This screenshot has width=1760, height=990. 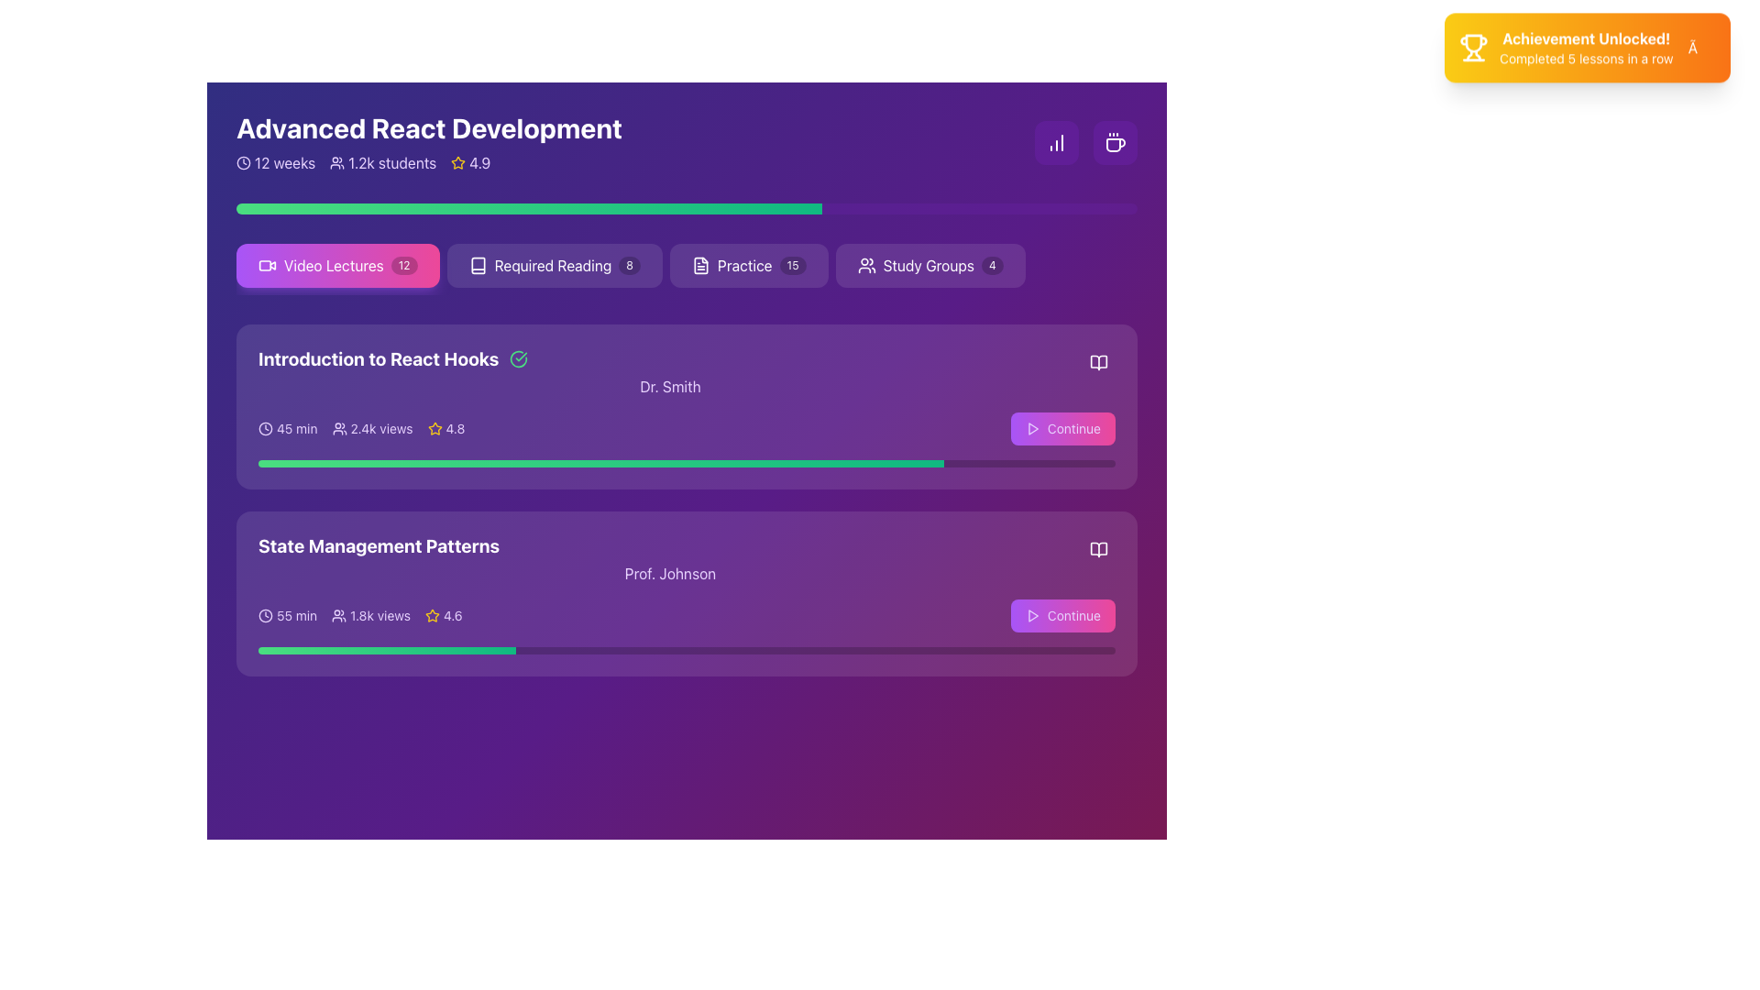 I want to click on the 'reading' or 'open book' icon located at the top right of the 'Introduction to React Hooks' course block, so click(x=1099, y=363).